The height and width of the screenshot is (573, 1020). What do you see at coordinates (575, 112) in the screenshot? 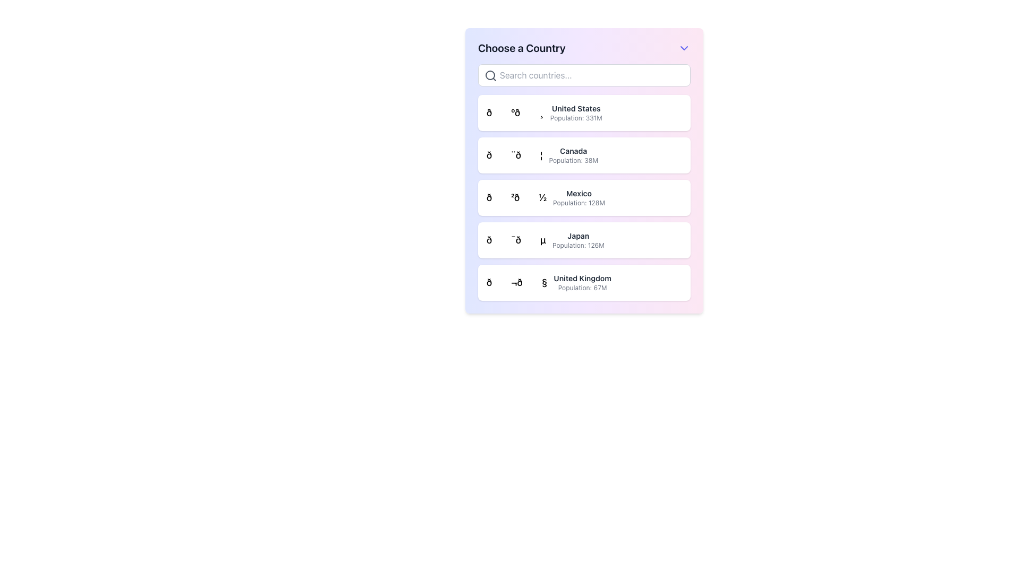
I see `'United States' selectable entry in the dropdown menu using developer tools` at bounding box center [575, 112].